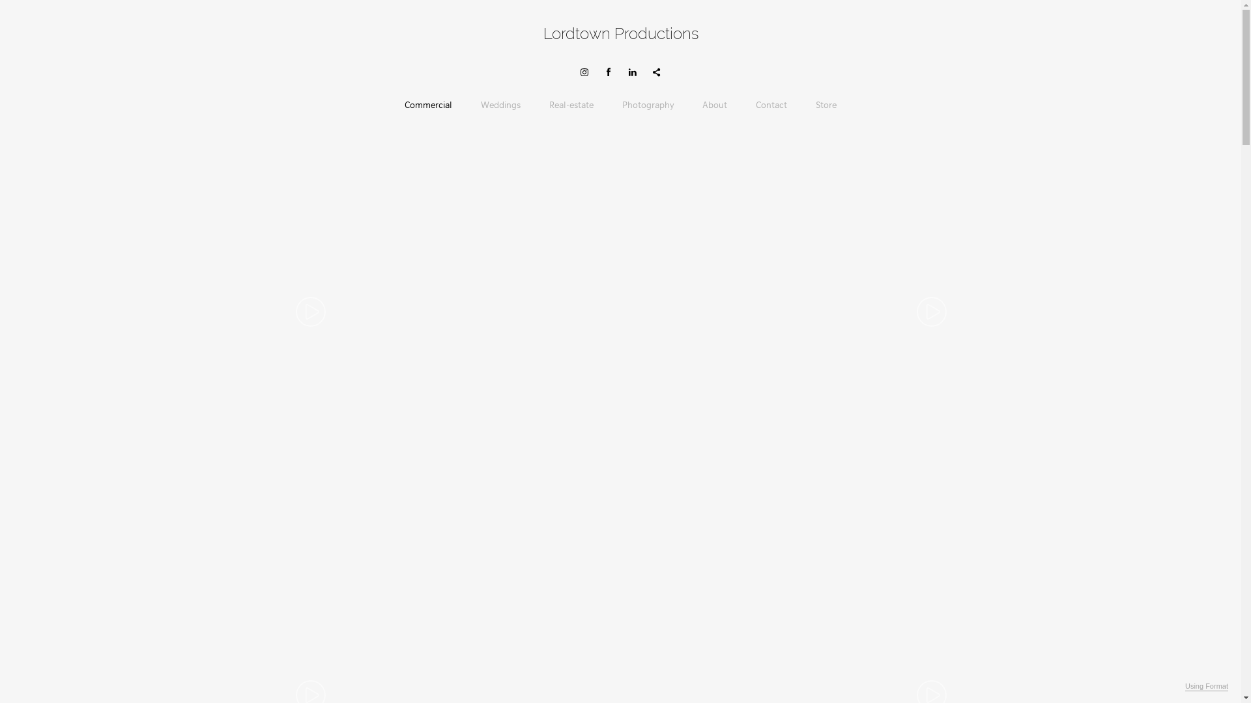  I want to click on 'Share', so click(657, 72).